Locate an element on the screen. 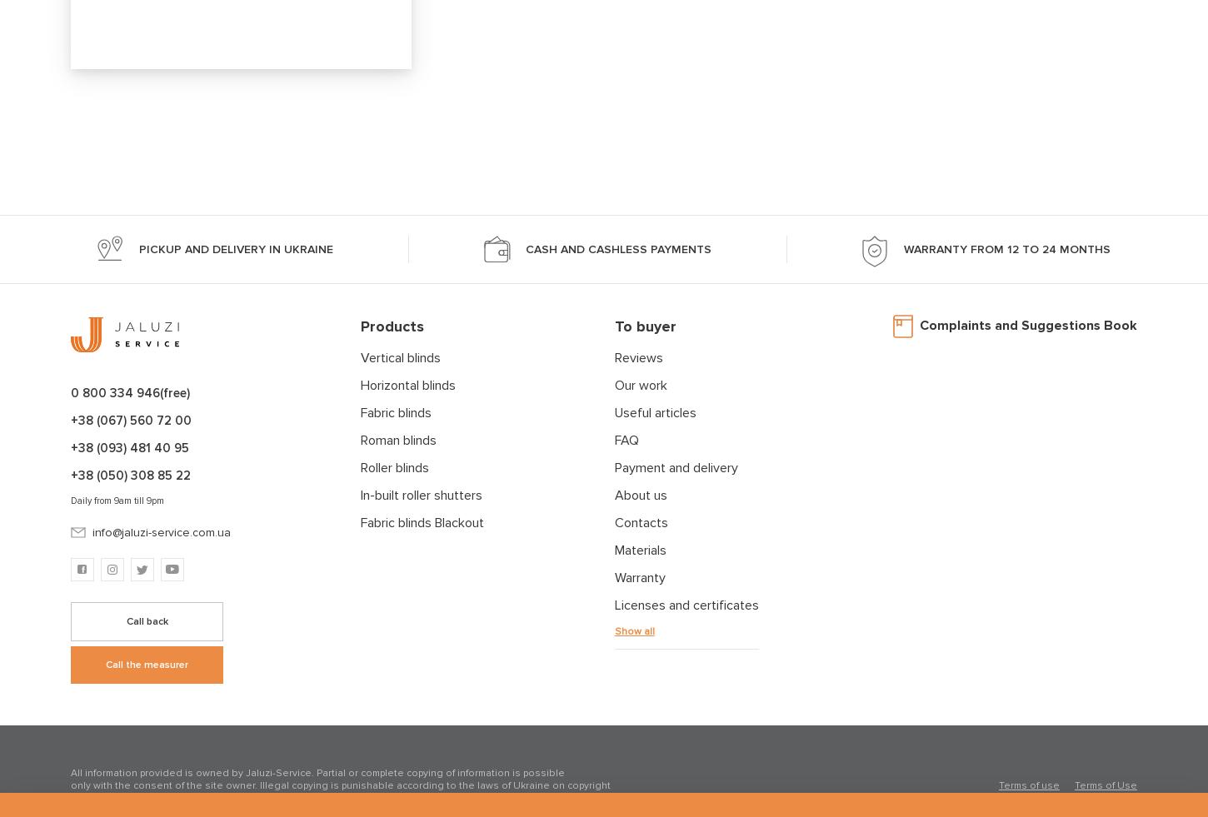 The width and height of the screenshot is (1208, 817). 'Fabric blinds Blackout' is located at coordinates (422, 523).